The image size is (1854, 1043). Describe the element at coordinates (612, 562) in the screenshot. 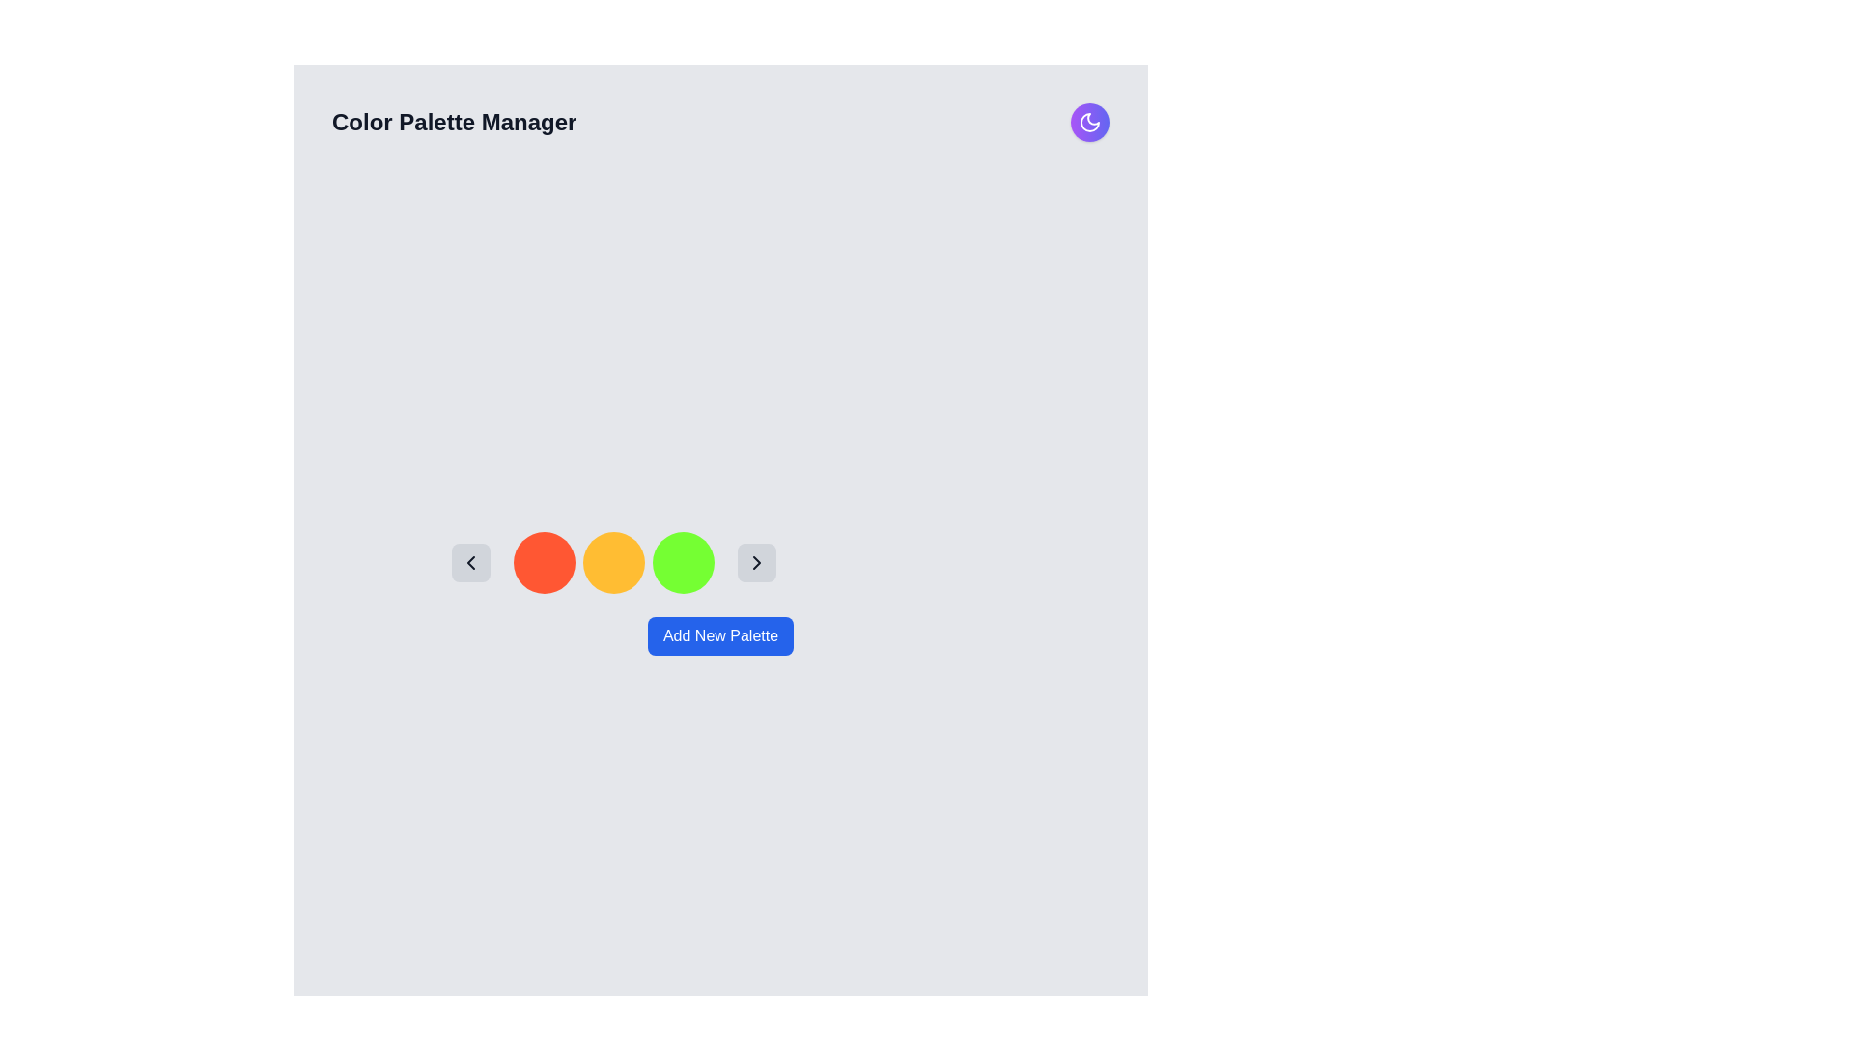

I see `the middle circular shape in the color palette manager interface that represents a choice or indicator` at that location.